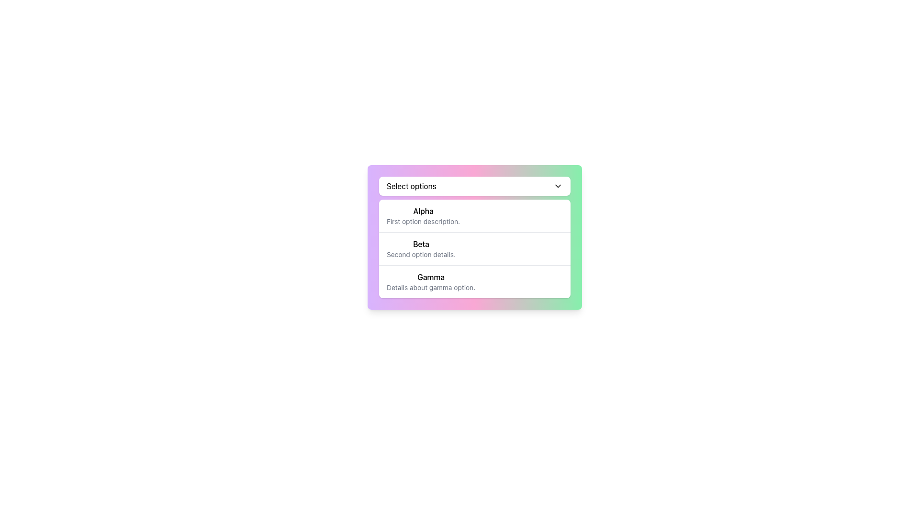  Describe the element at coordinates (421, 243) in the screenshot. I see `the second selectable option` at that location.